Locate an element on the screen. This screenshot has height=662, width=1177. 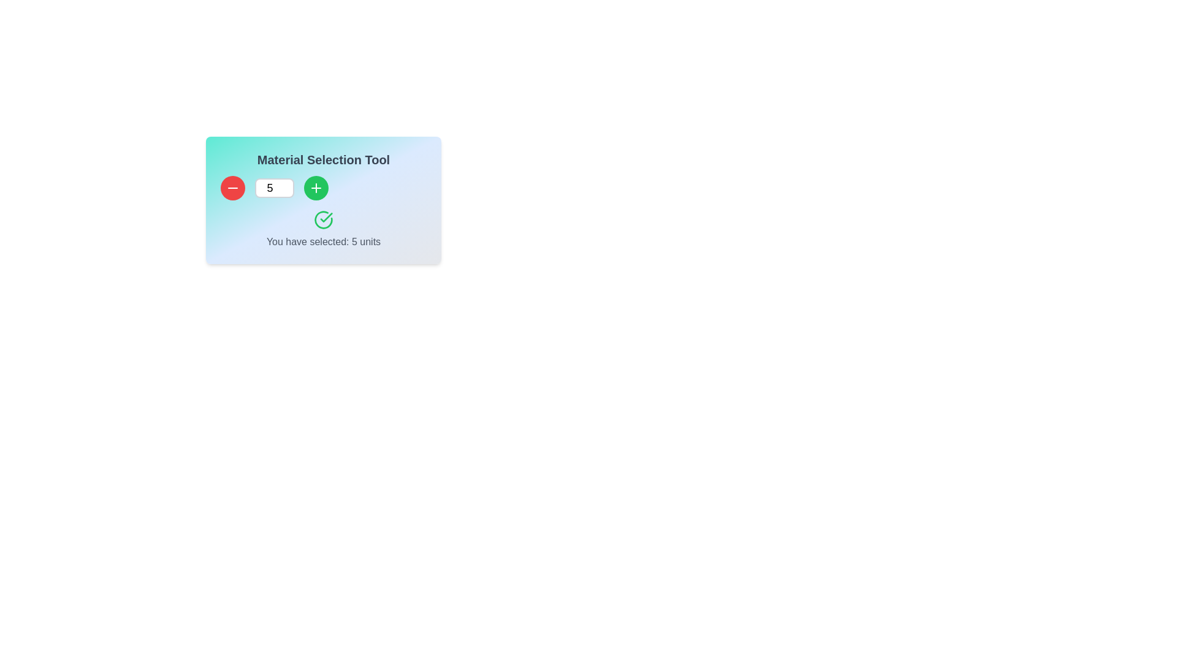
the increment button on the numerical input field component within the 'Material Selection Tool' panel to increase the value is located at coordinates (324, 188).